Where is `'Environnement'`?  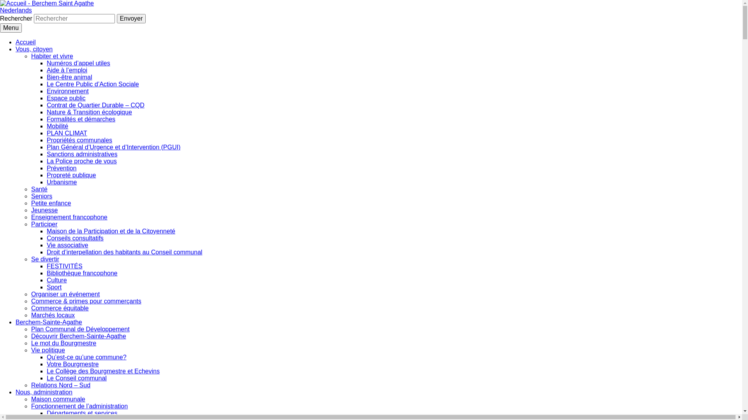 'Environnement' is located at coordinates (67, 91).